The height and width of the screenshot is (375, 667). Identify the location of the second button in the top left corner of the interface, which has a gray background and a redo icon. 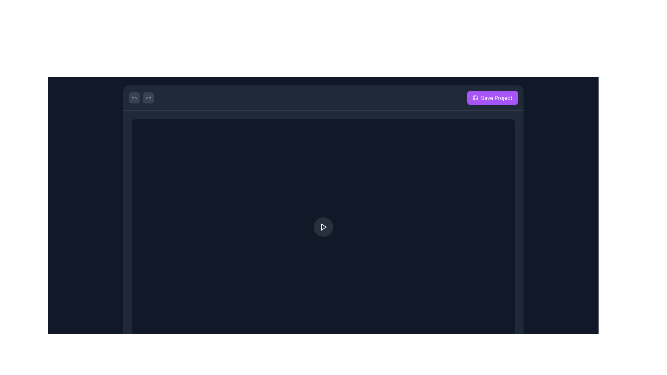
(148, 98).